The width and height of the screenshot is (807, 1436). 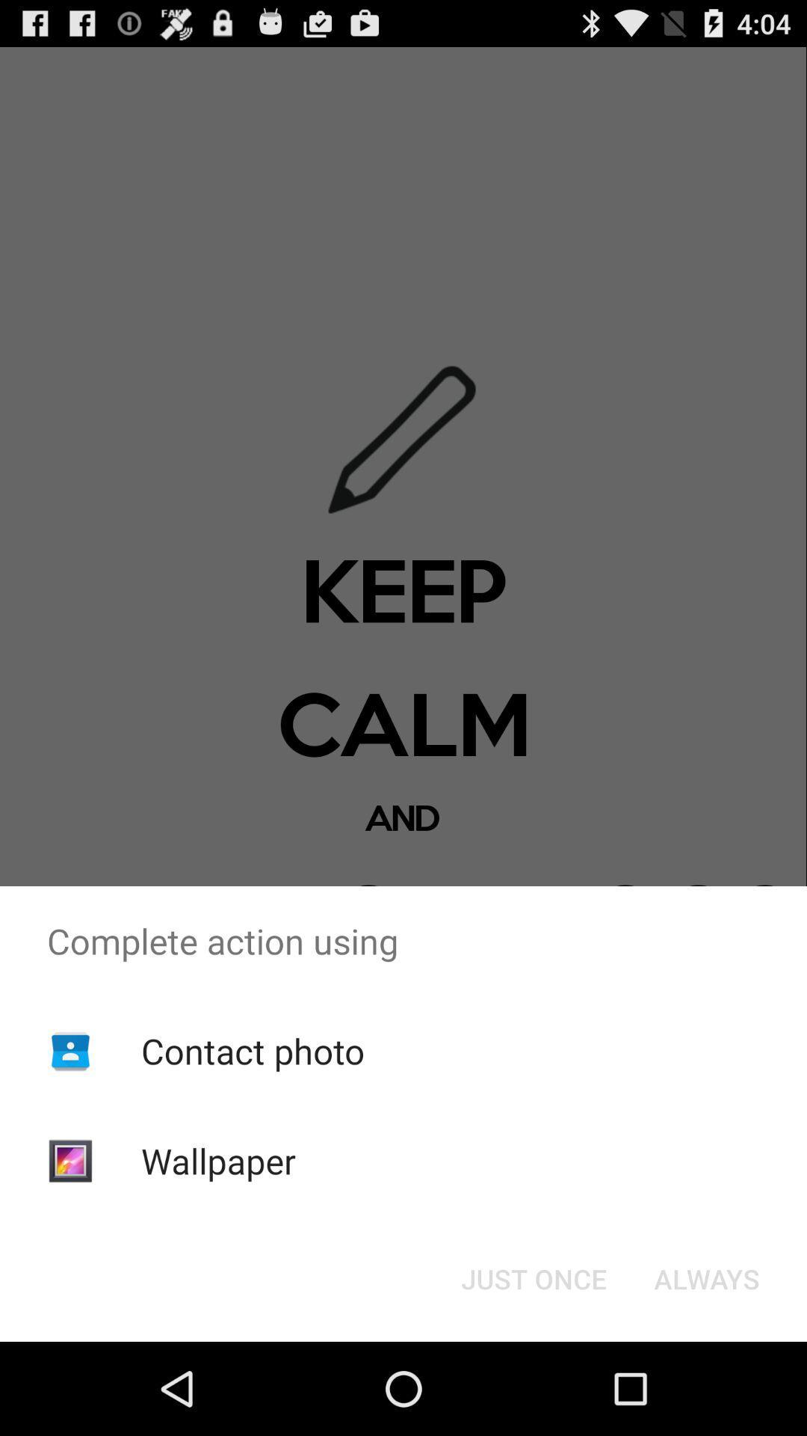 What do you see at coordinates (706, 1277) in the screenshot?
I see `the item at the bottom right corner` at bounding box center [706, 1277].